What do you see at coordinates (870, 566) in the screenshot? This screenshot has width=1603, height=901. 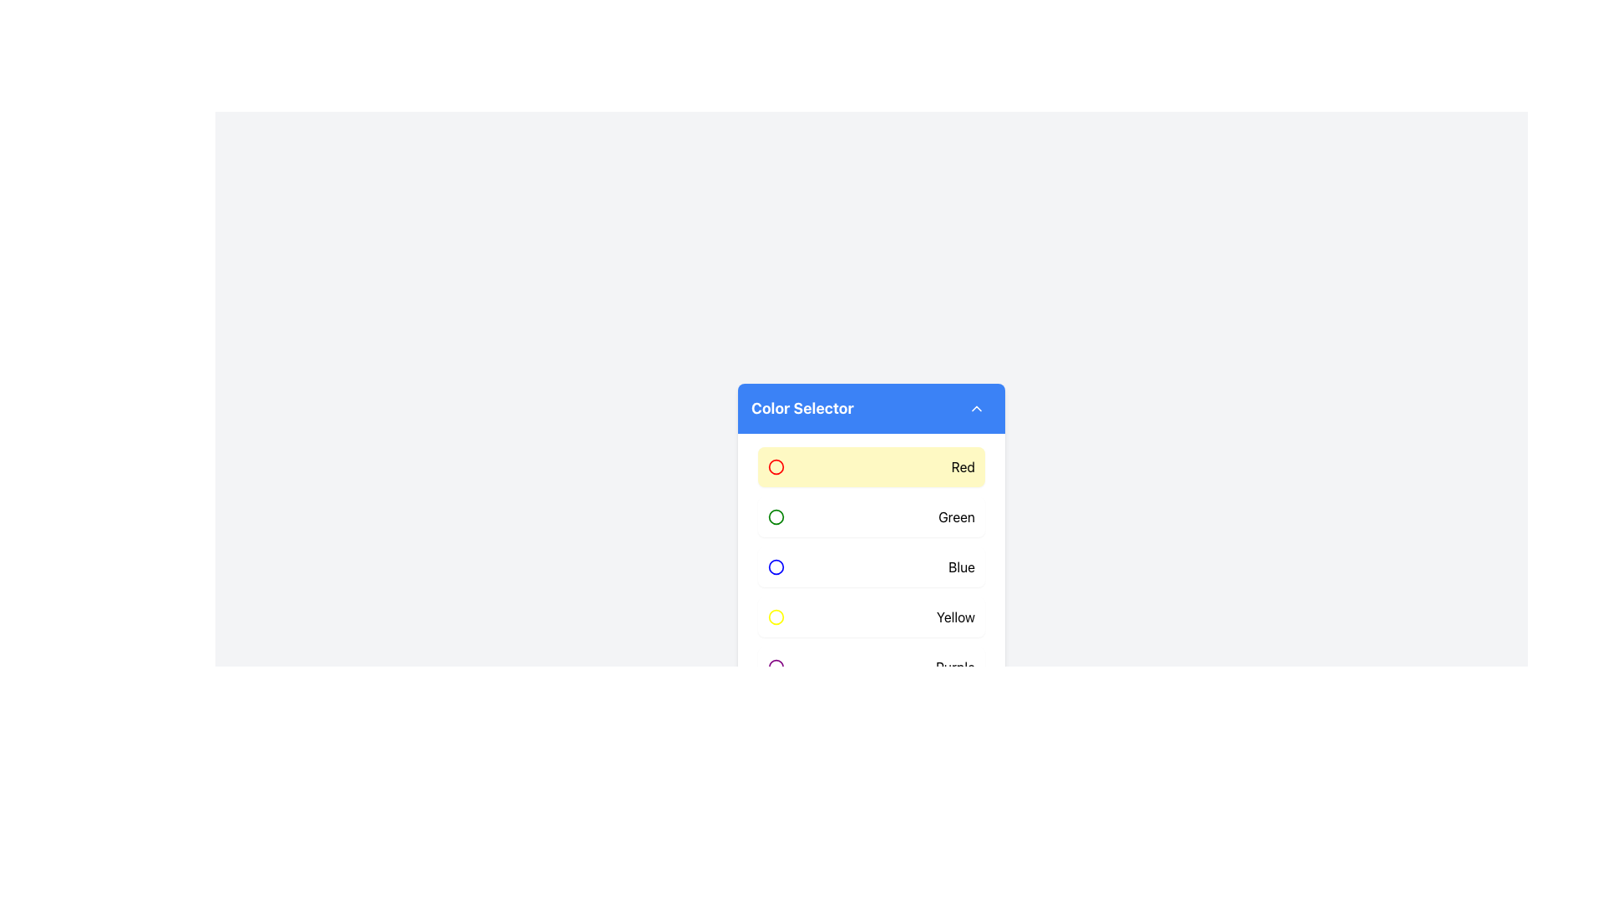 I see `the third selectable list item labeled 'Blue' in the vertically stacked color selector interface` at bounding box center [870, 566].